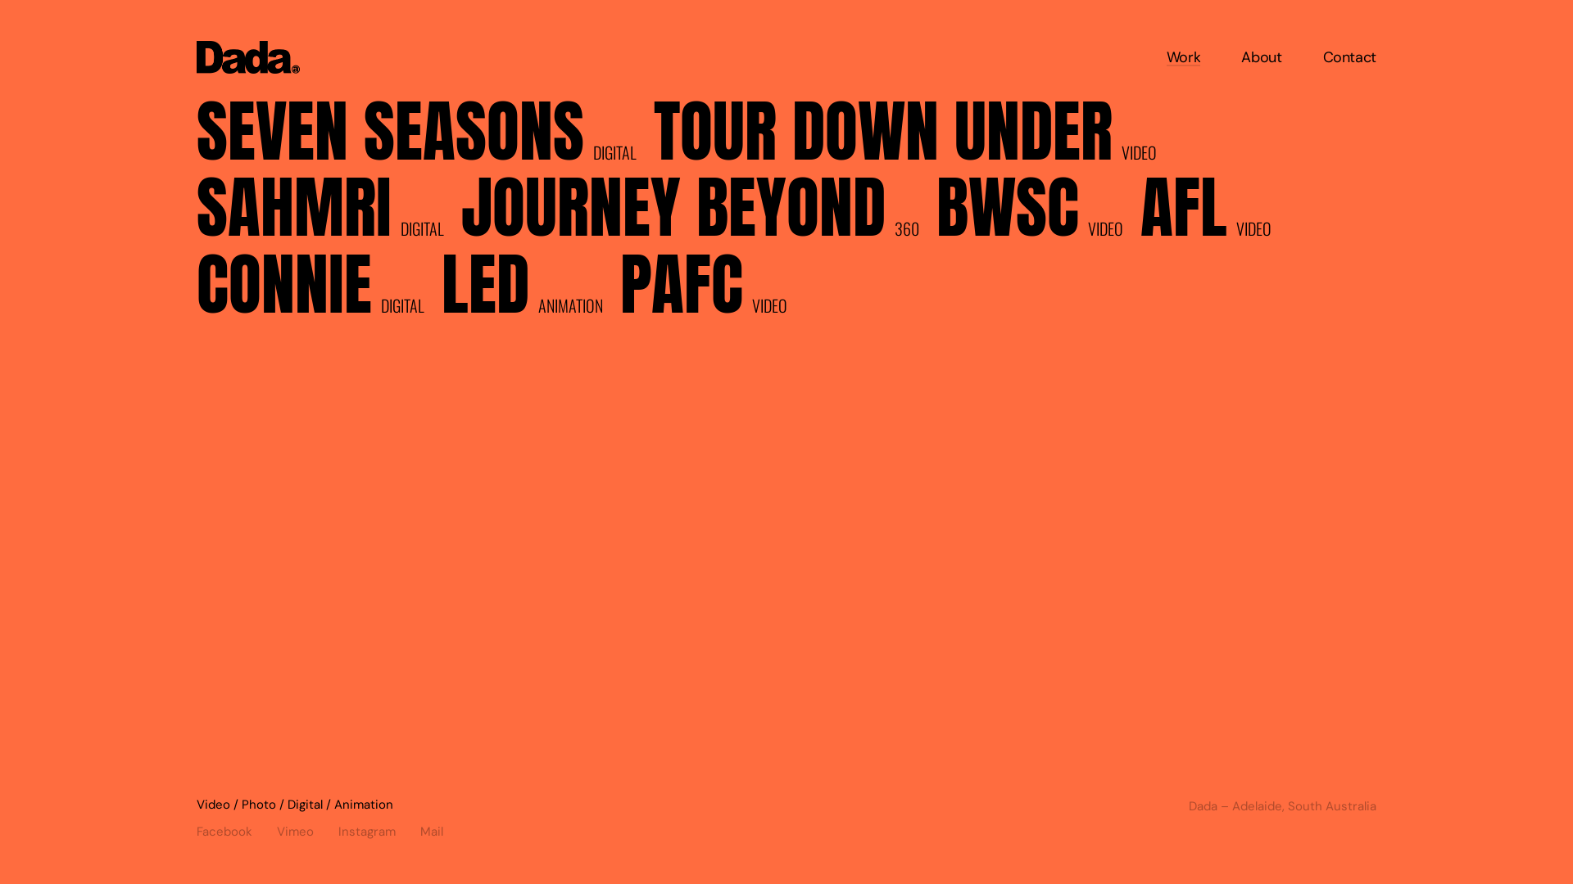  What do you see at coordinates (420, 828) in the screenshot?
I see `'Mail'` at bounding box center [420, 828].